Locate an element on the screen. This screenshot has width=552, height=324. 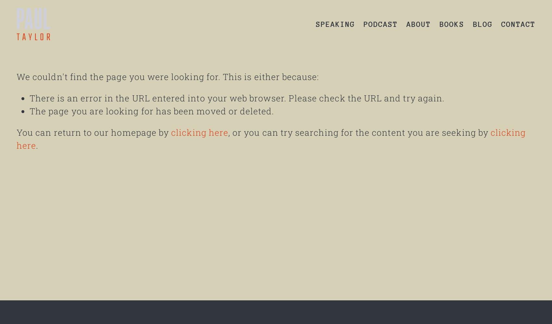
'BOOKS' is located at coordinates (440, 24).